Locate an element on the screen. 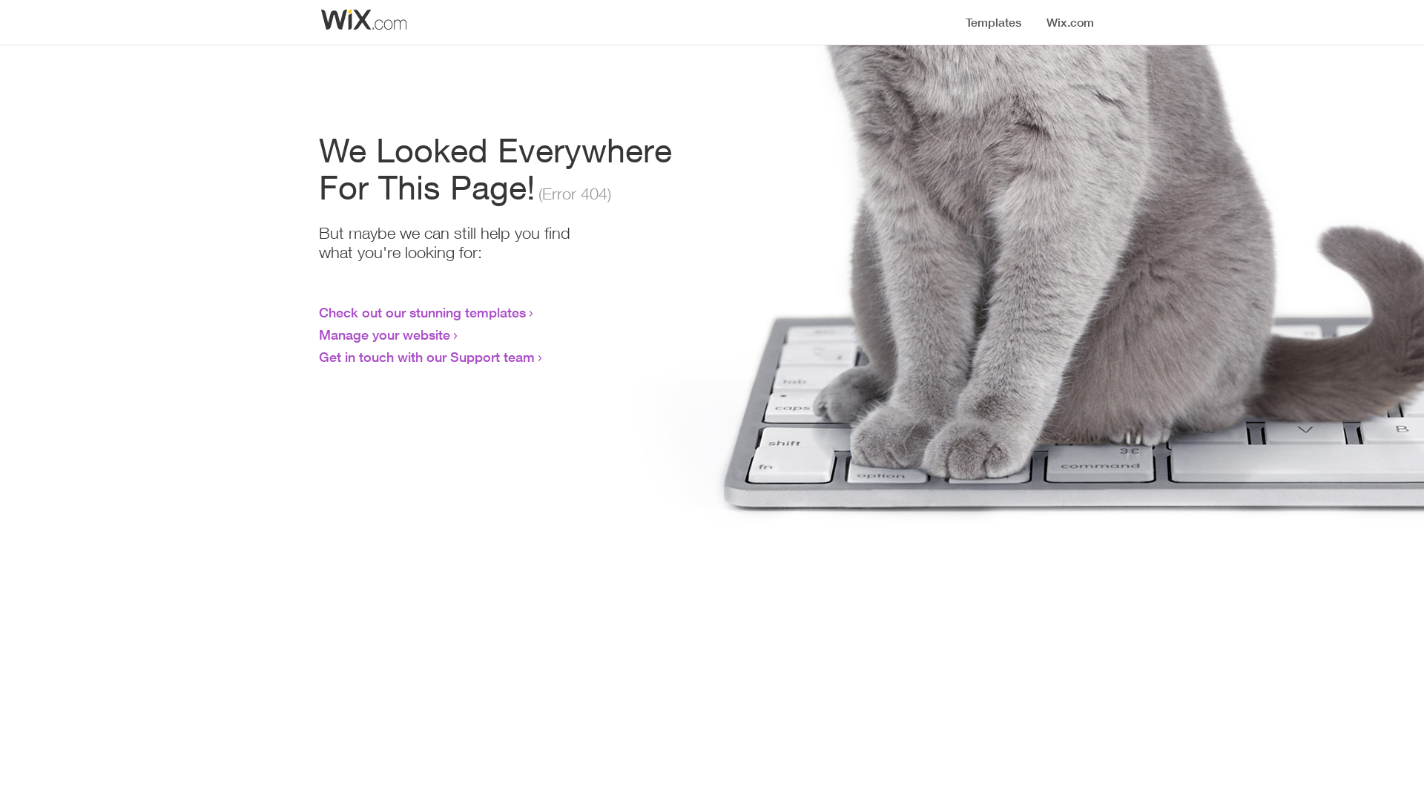  'Check out our stunning templates' is located at coordinates (318, 311).